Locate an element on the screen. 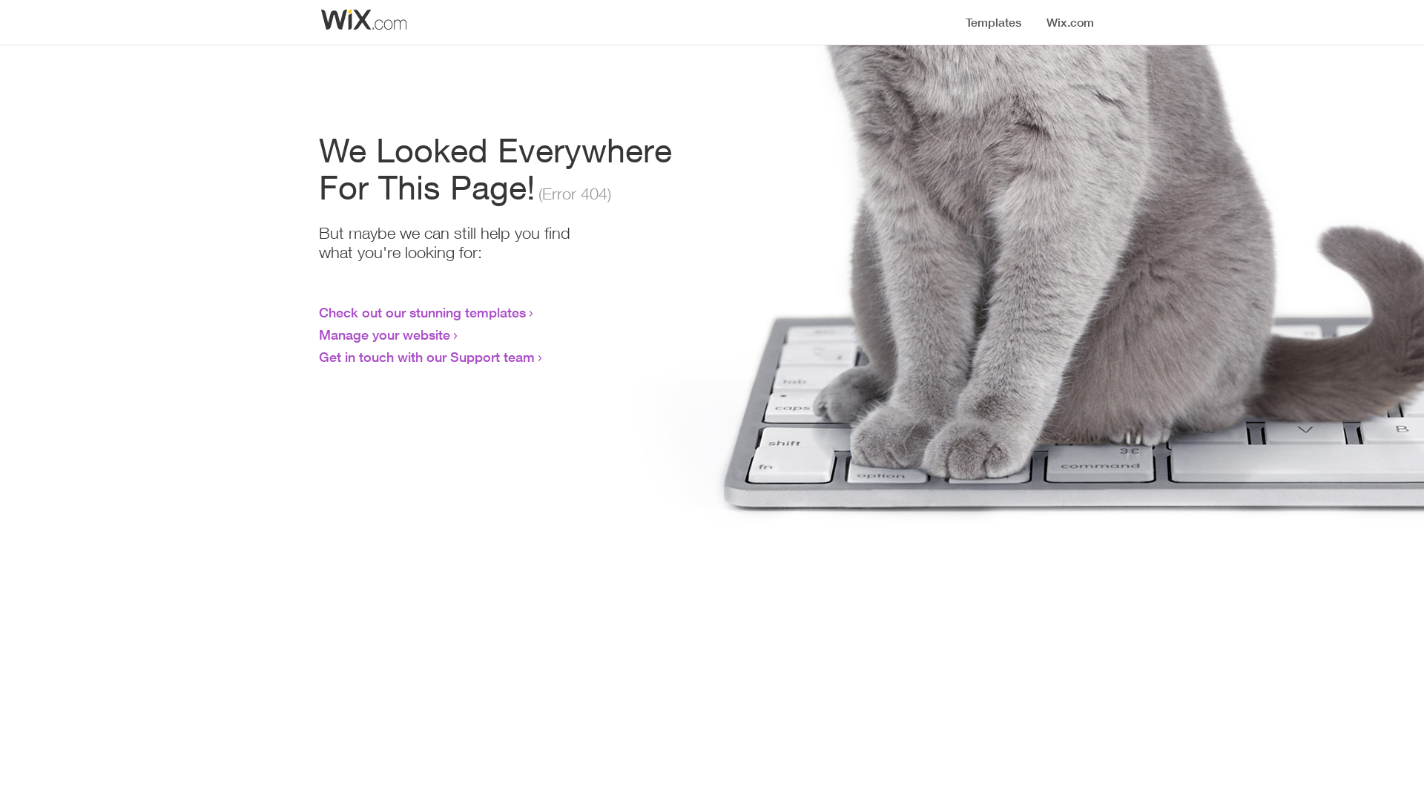  'Check out our stunning templates' is located at coordinates (318, 311).